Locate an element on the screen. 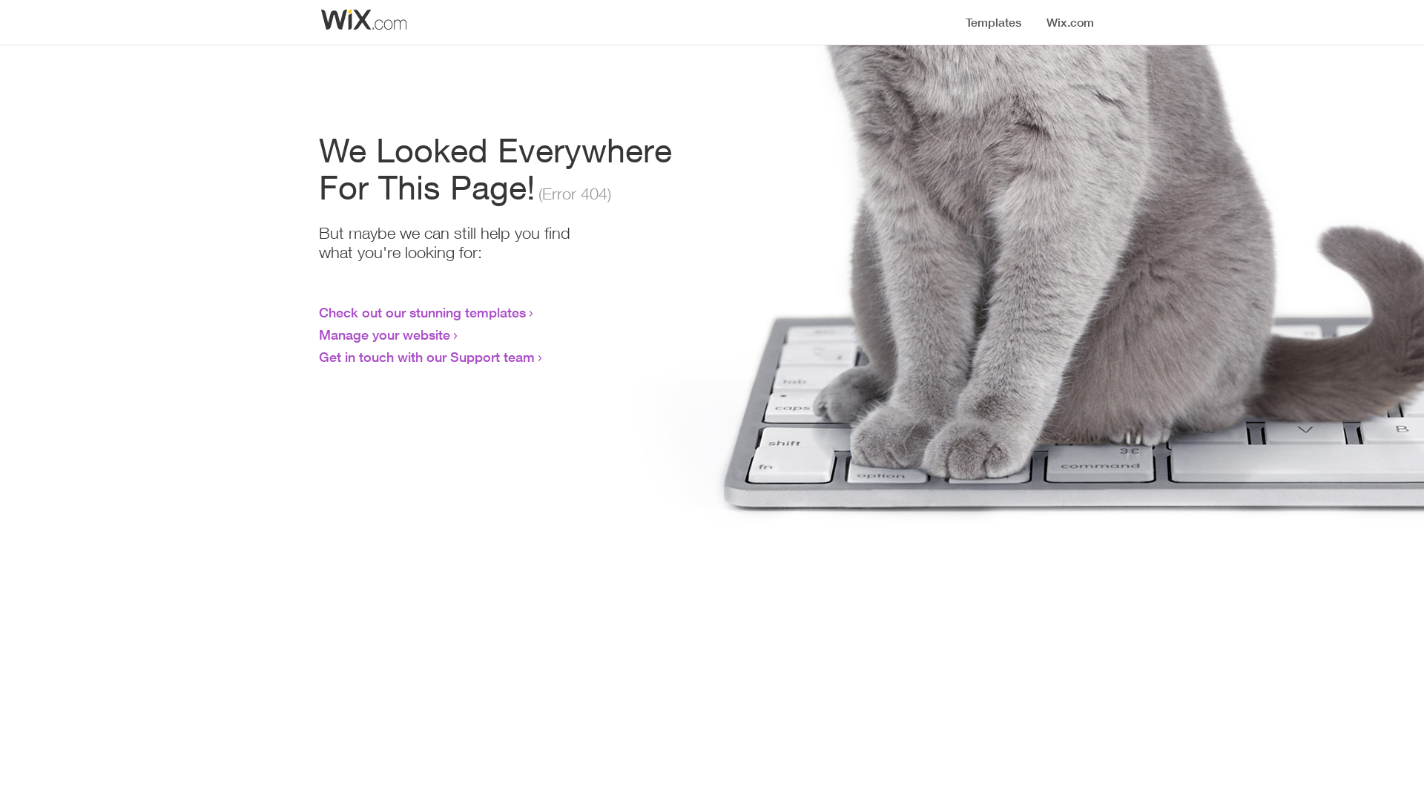  'Check out our stunning templates' is located at coordinates (318, 311).